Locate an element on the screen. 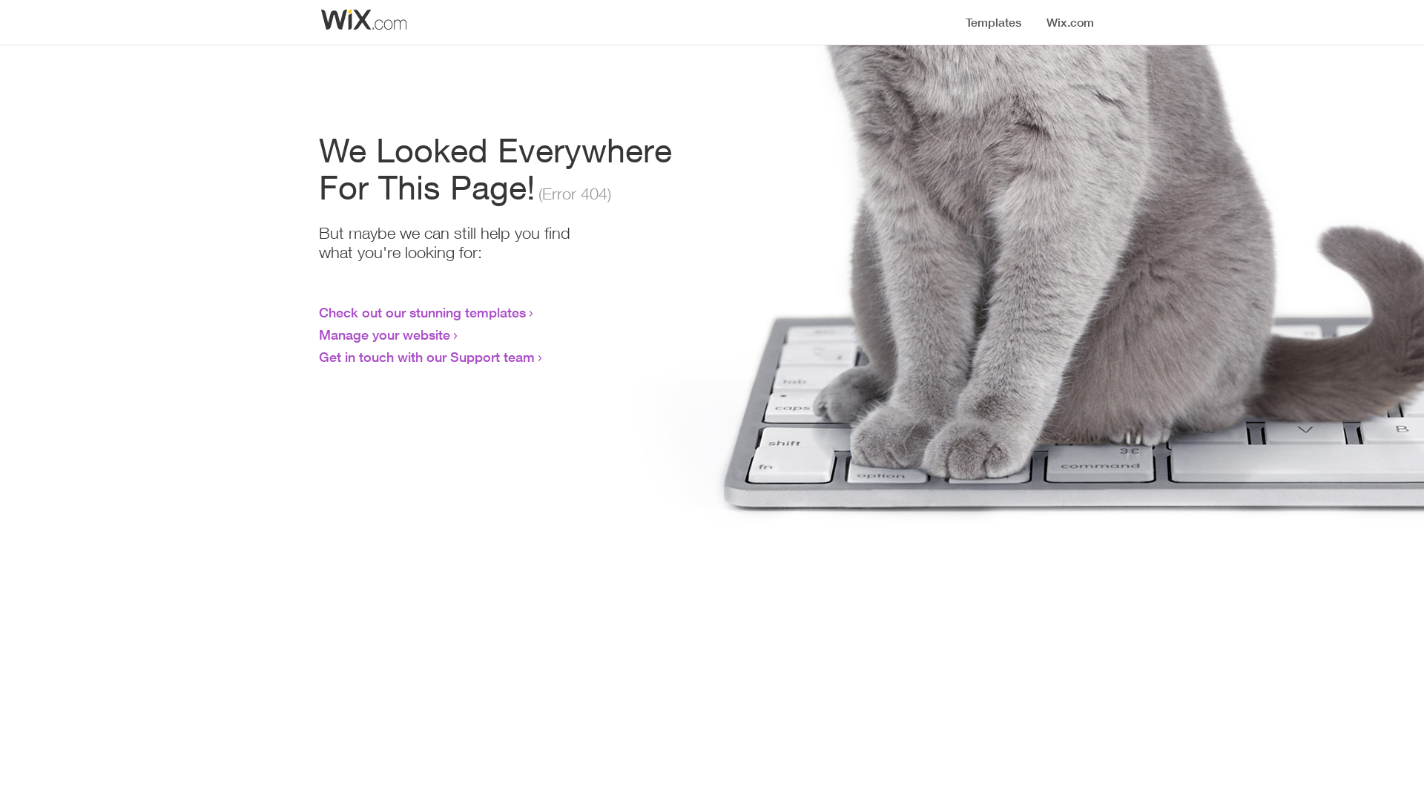  'Check out our stunning templates' is located at coordinates (318, 311).